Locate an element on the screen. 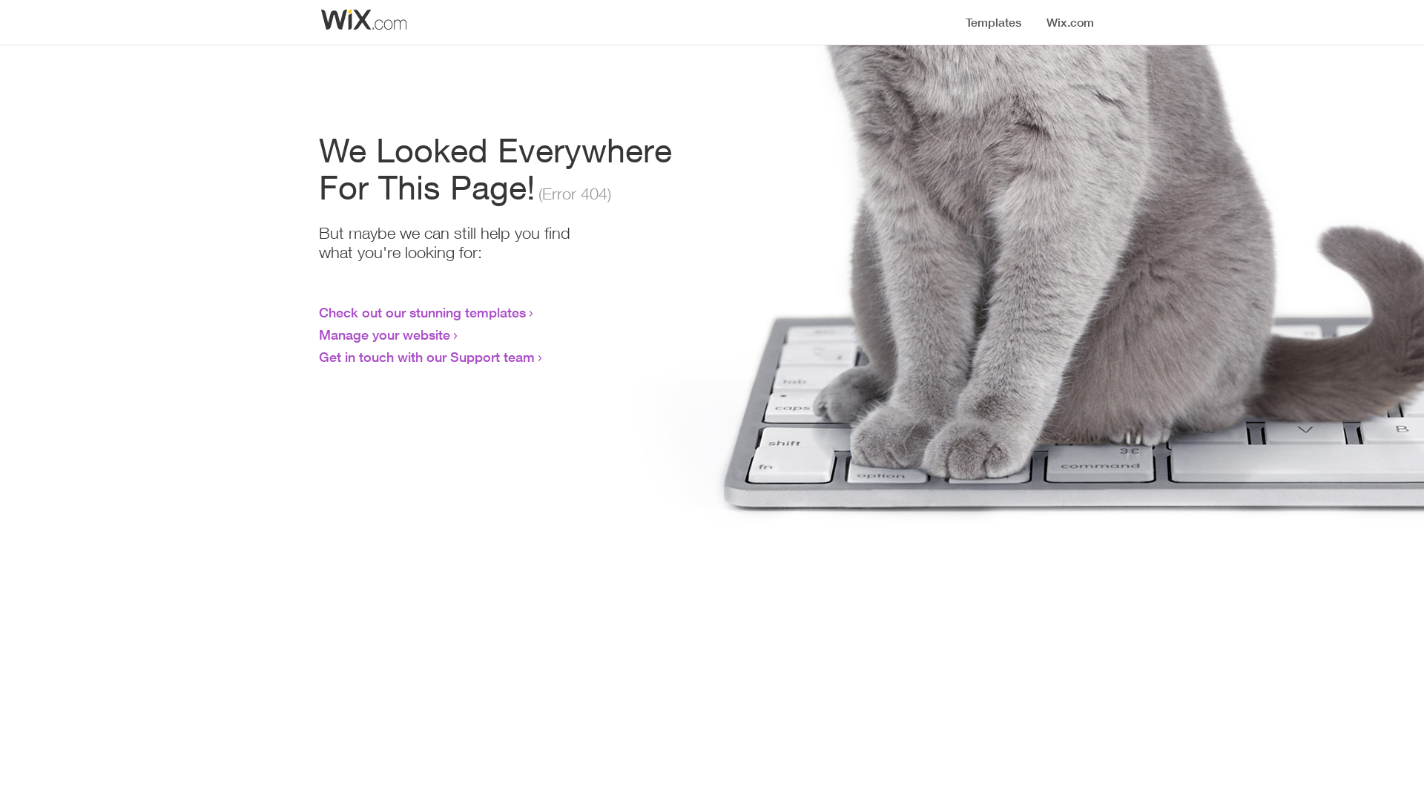  'Check out our stunning templates' is located at coordinates (318, 311).